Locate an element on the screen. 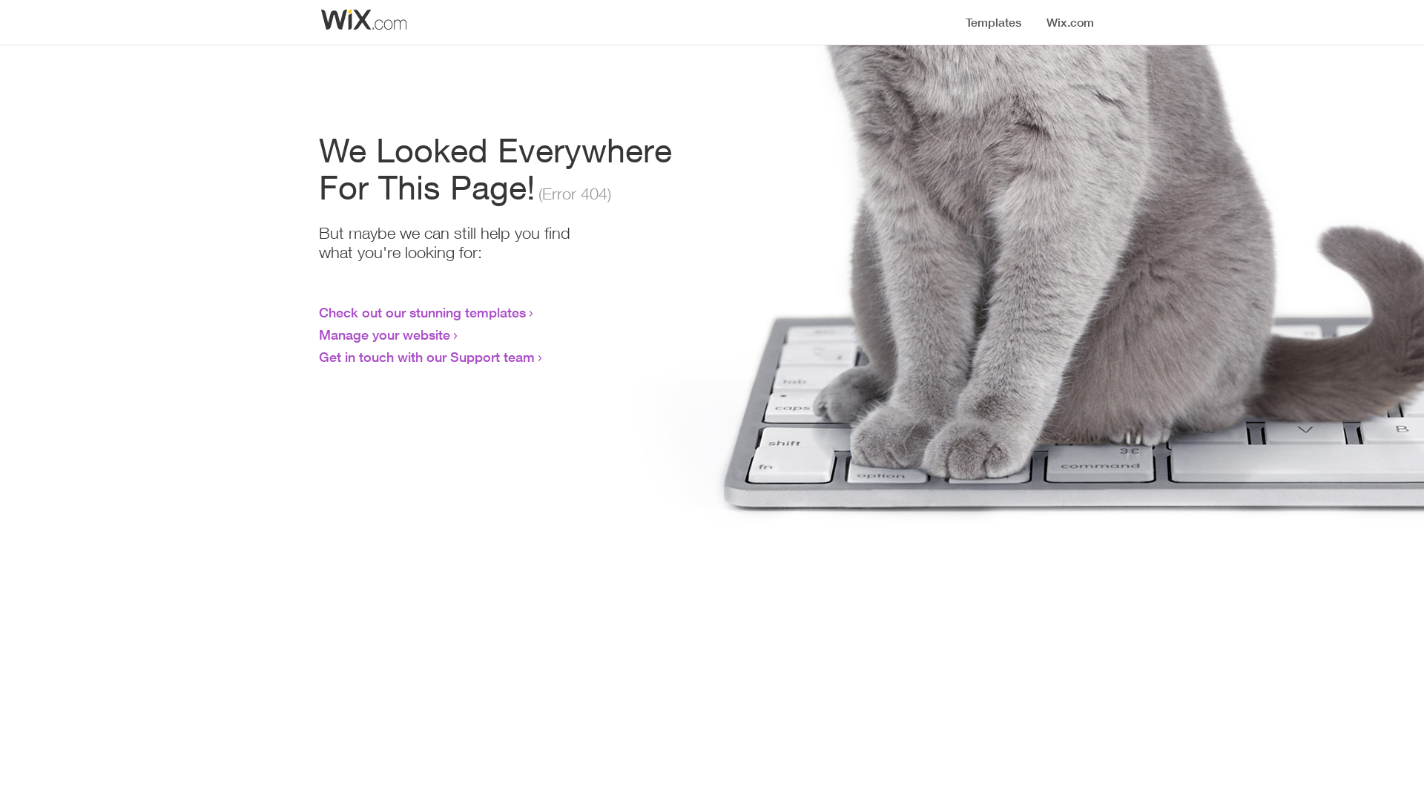  'Check out our stunning templates' is located at coordinates (318, 311).